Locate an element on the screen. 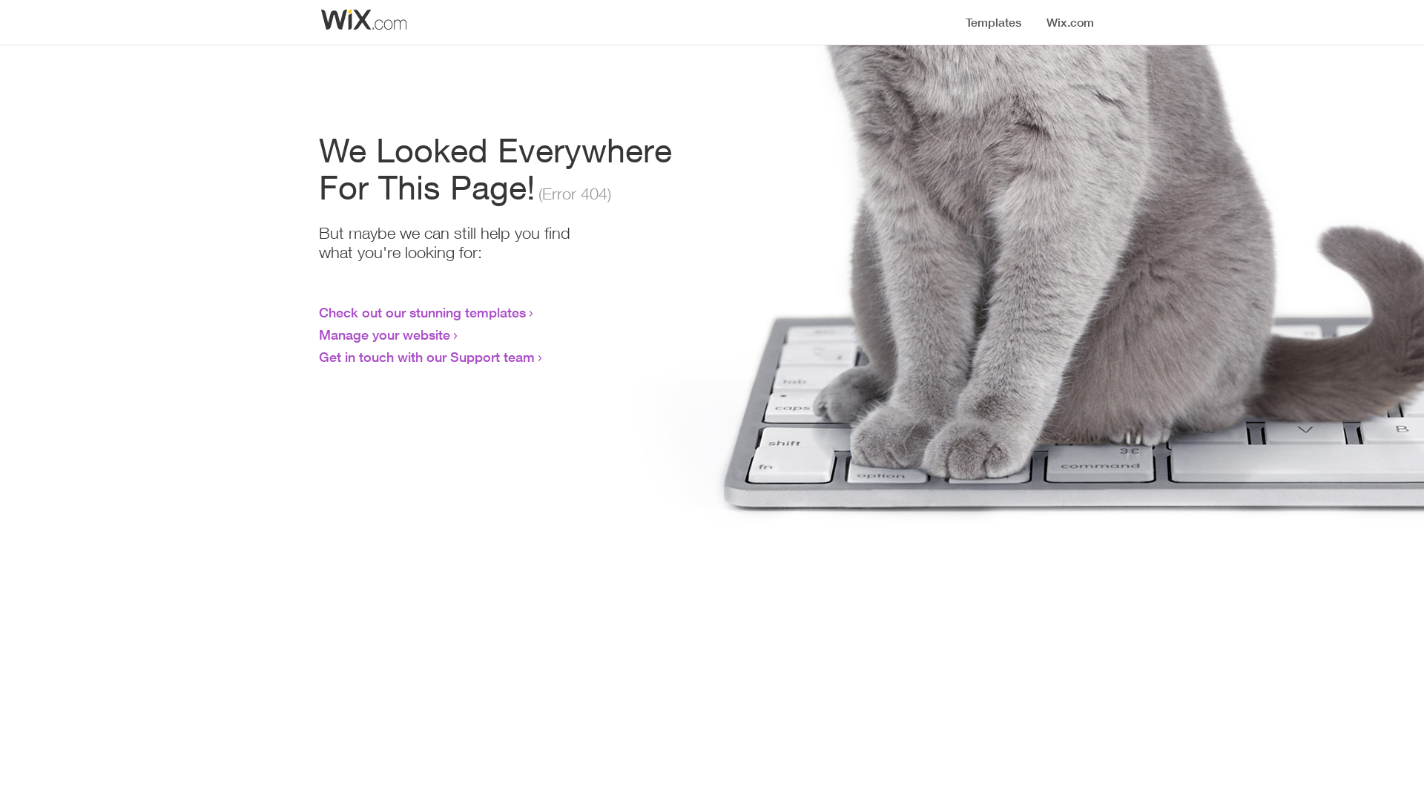  'Check out our stunning templates' is located at coordinates (318, 311).